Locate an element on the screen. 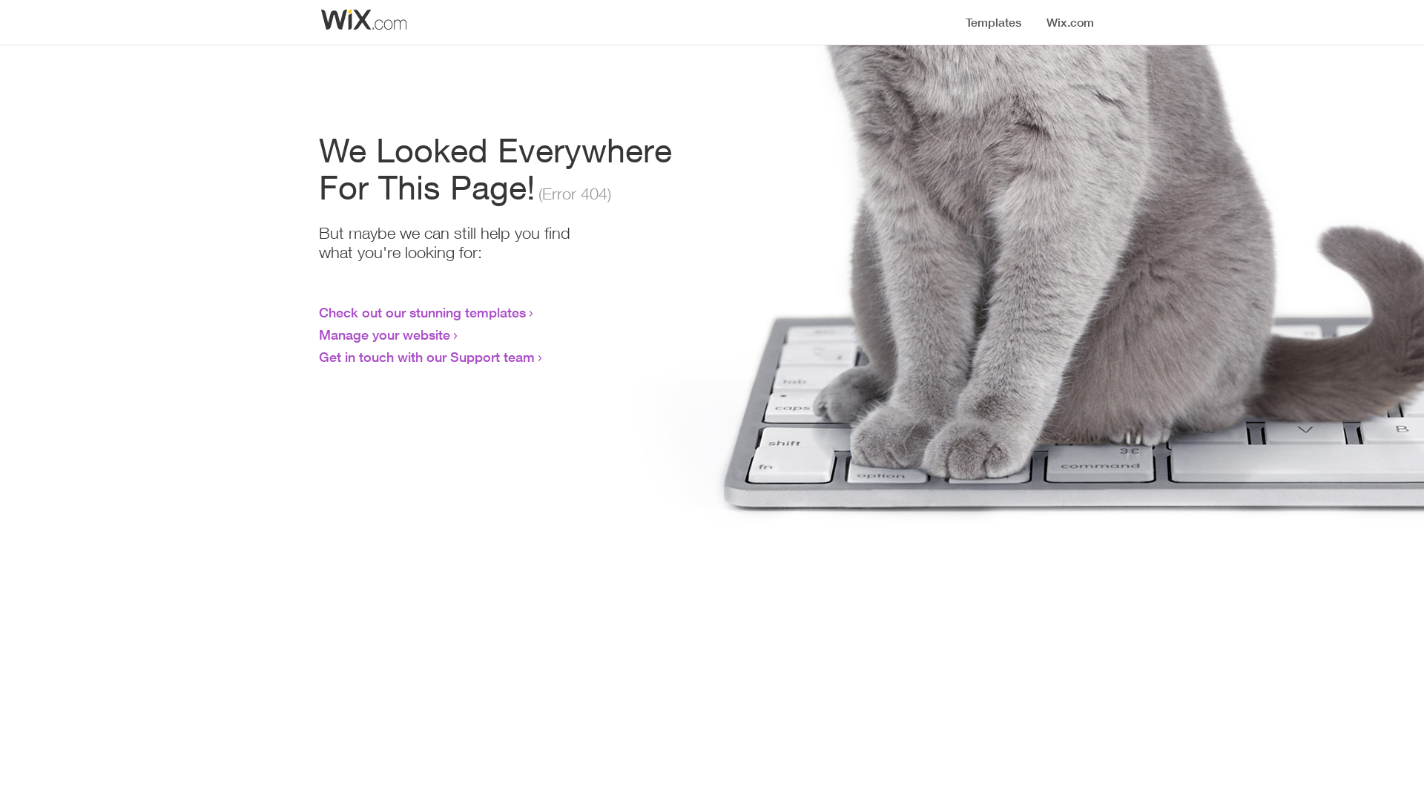  'Check out our stunning templates' is located at coordinates (318, 311).